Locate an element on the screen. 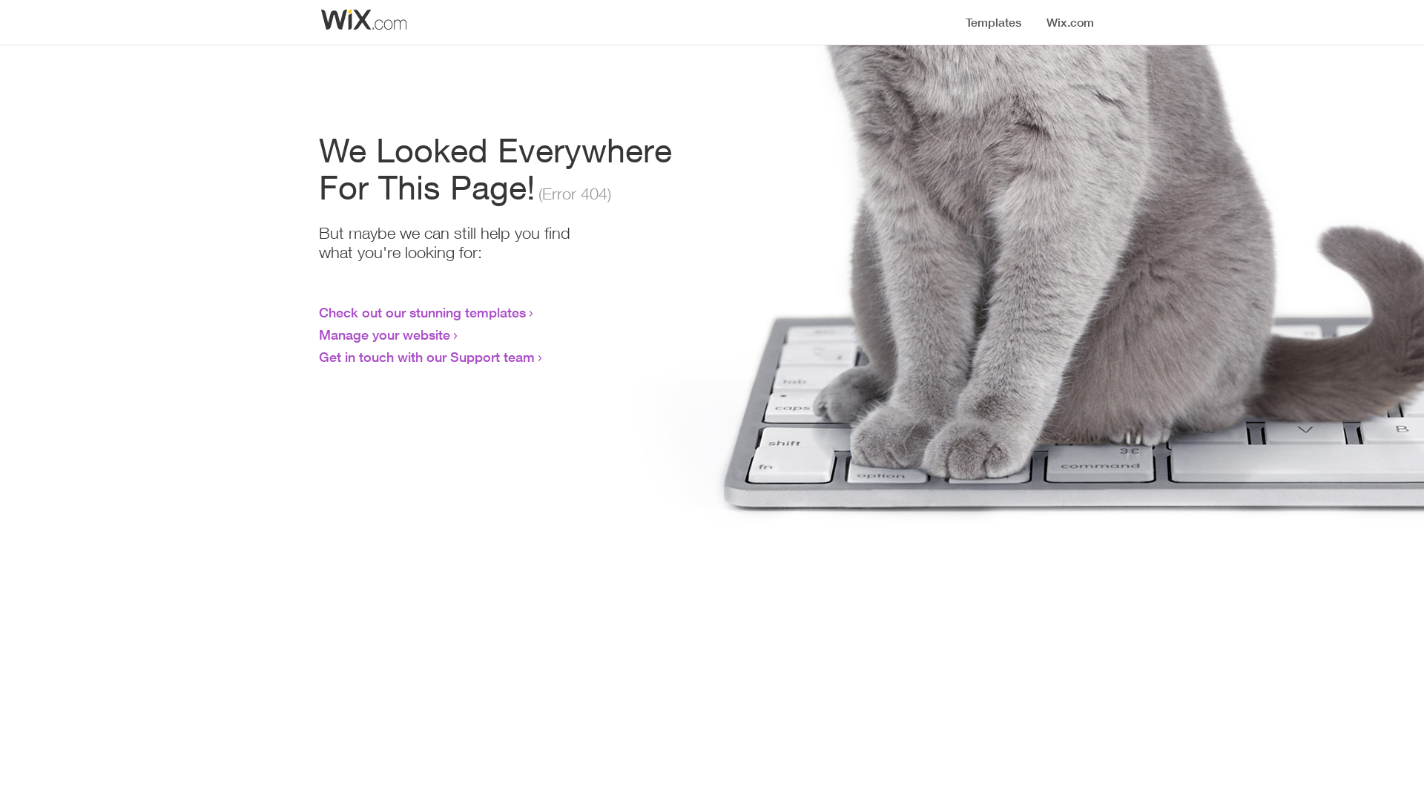  'Check out our stunning templates' is located at coordinates (318, 311).